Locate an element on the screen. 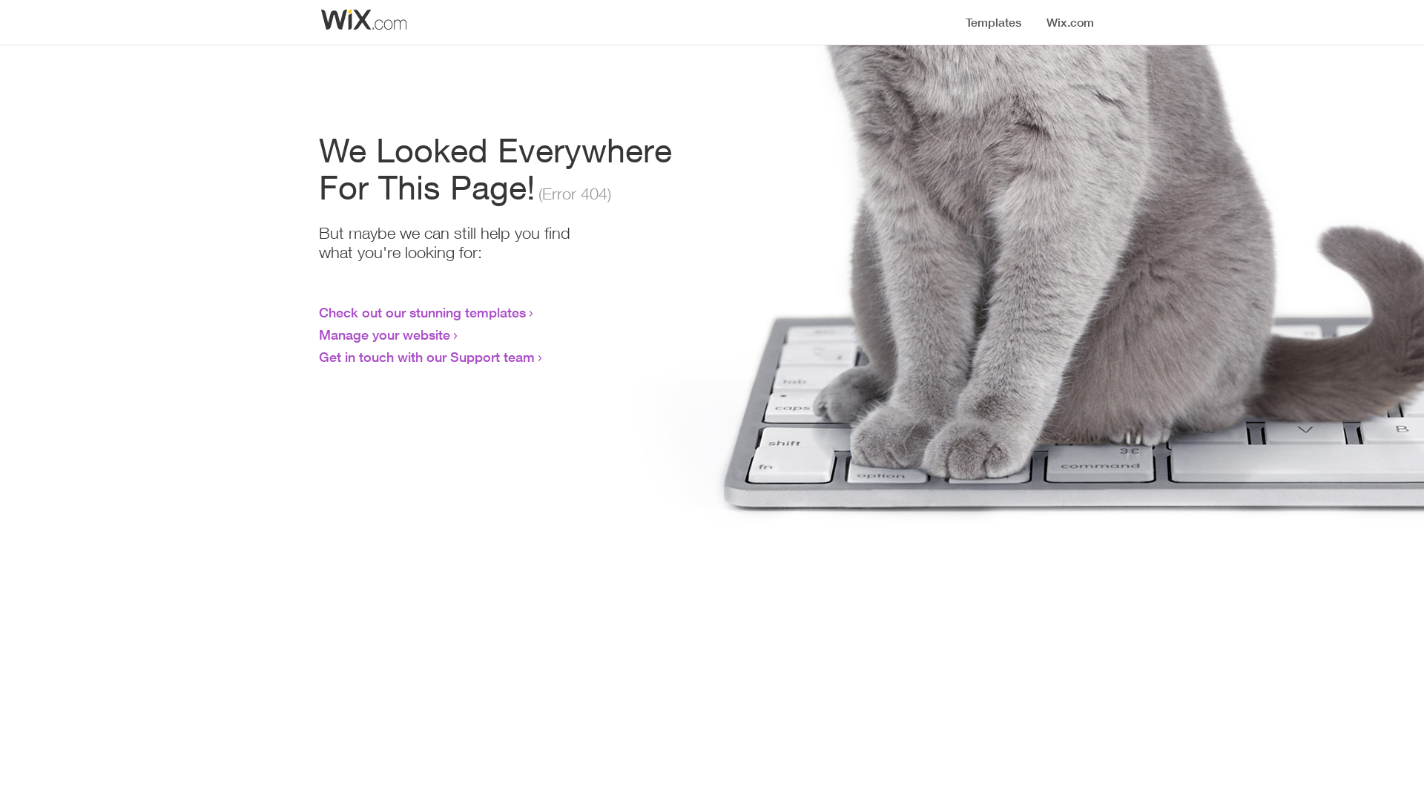  'Check out our stunning templates' is located at coordinates (318, 311).